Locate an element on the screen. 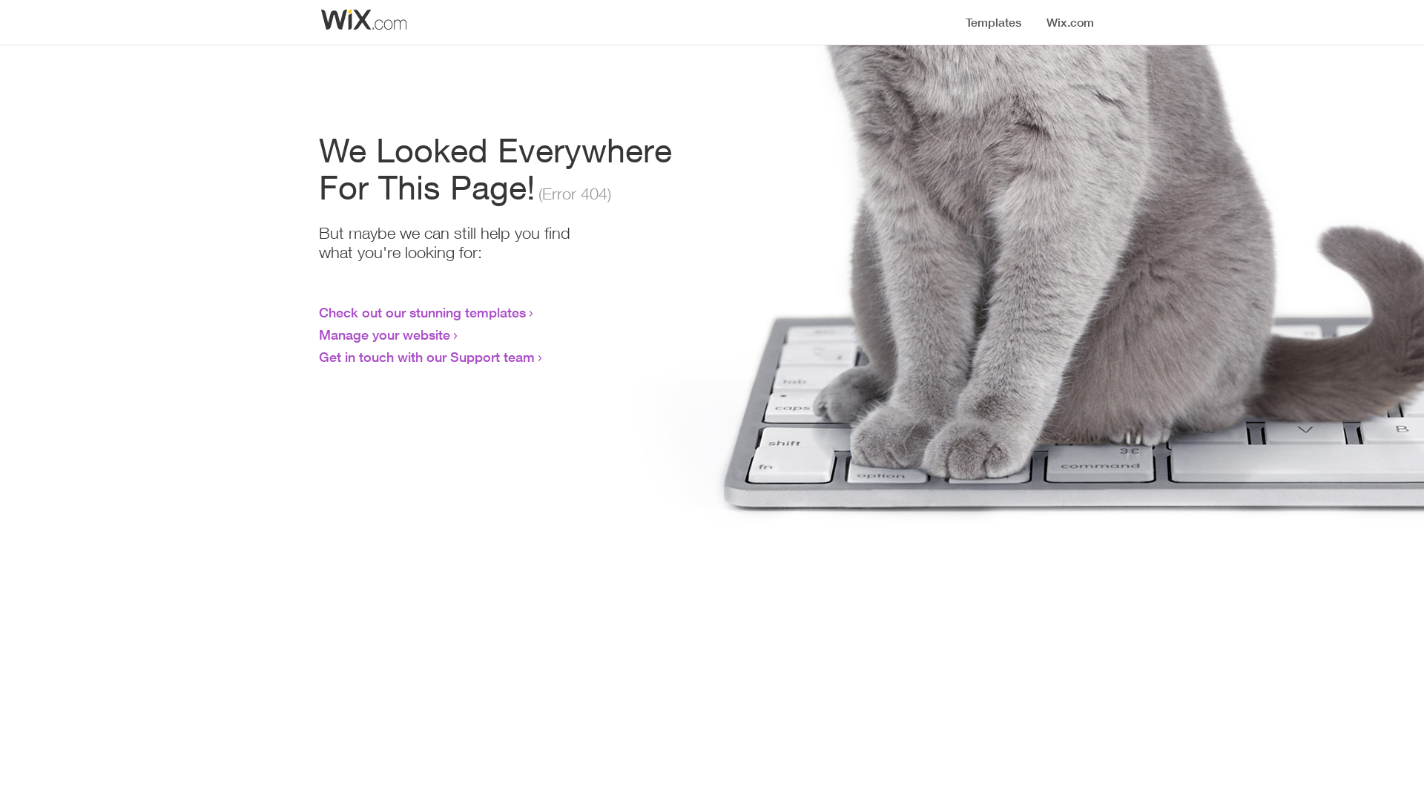  'Check out our stunning templates' is located at coordinates (318, 311).